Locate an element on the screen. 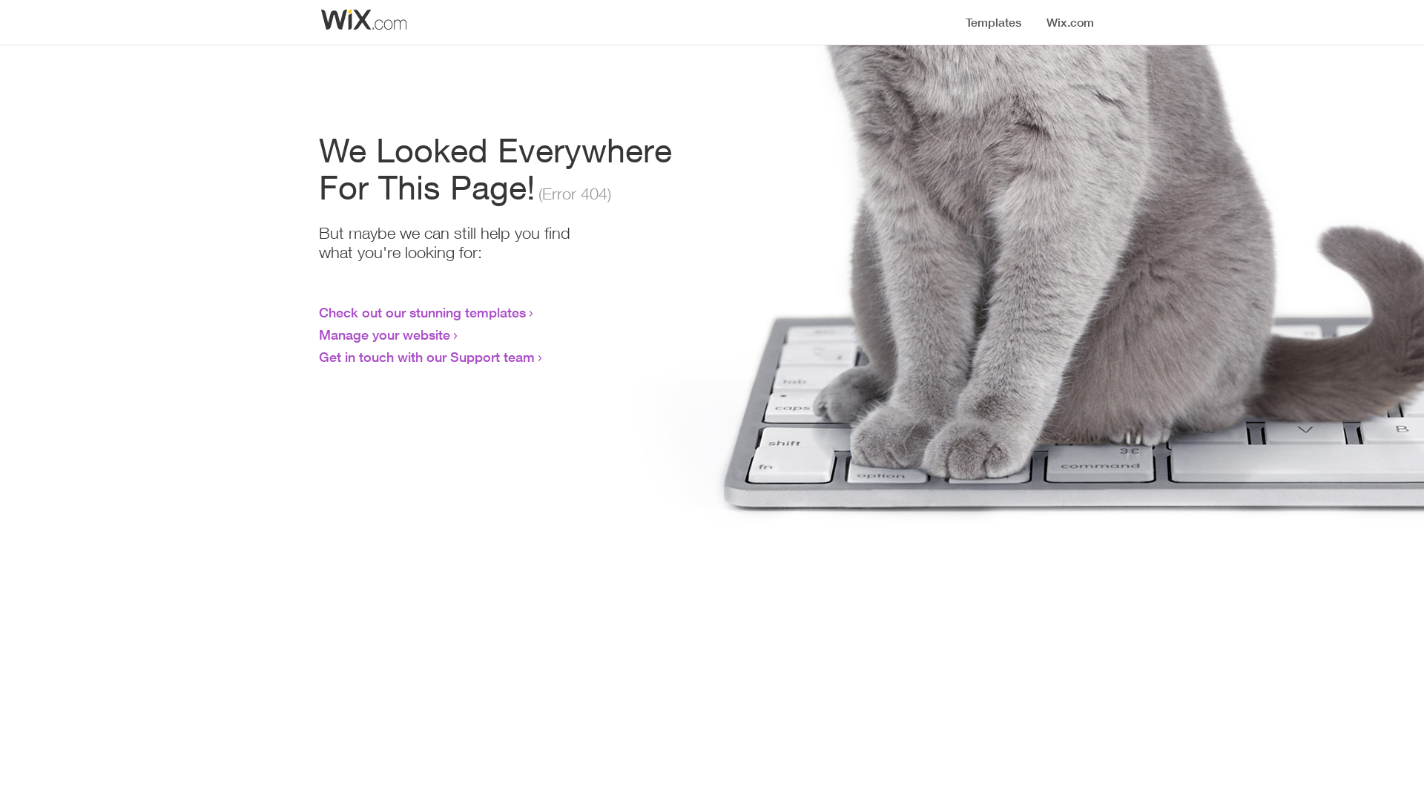  'Check out our stunning templates' is located at coordinates (318, 311).